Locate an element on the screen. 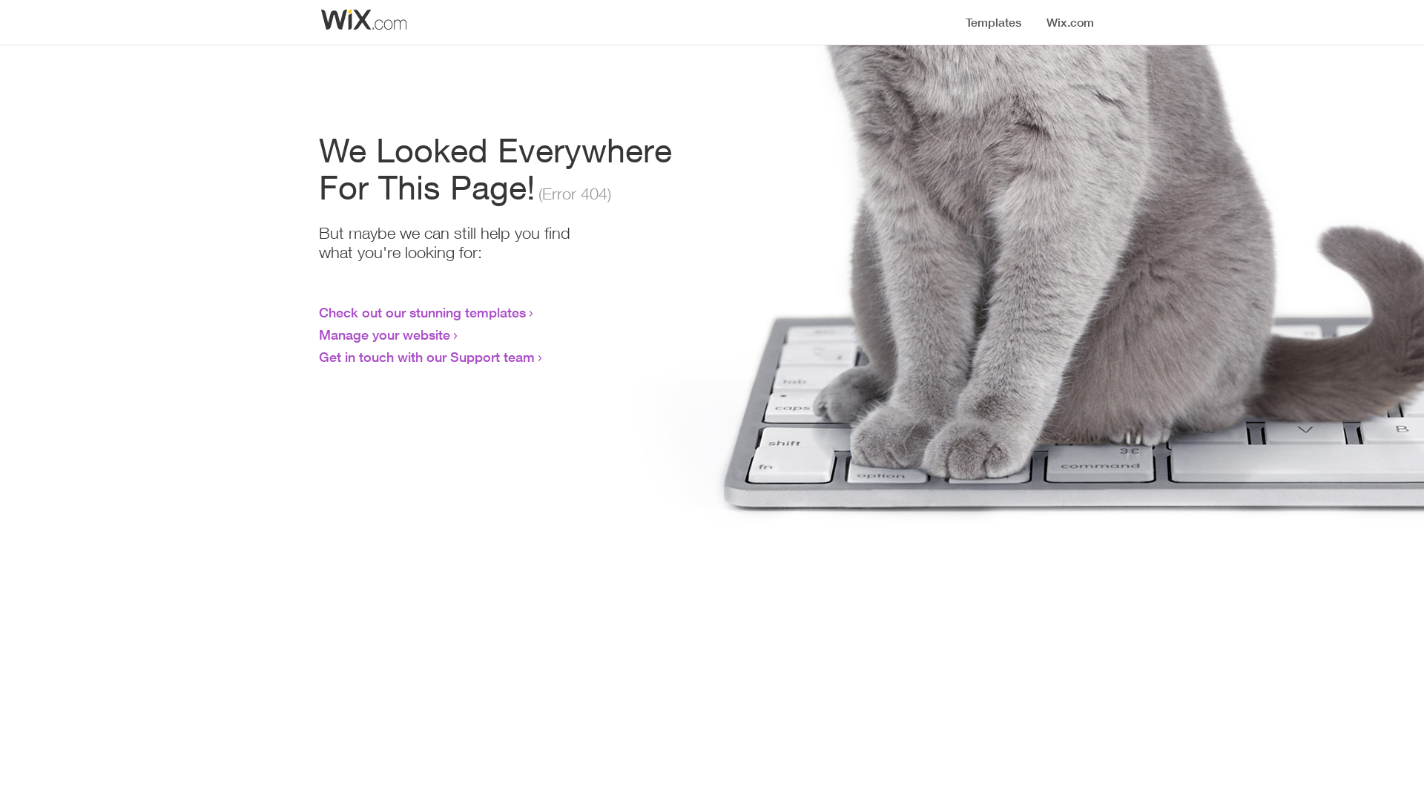  'Check out our stunning templates' is located at coordinates (318, 311).